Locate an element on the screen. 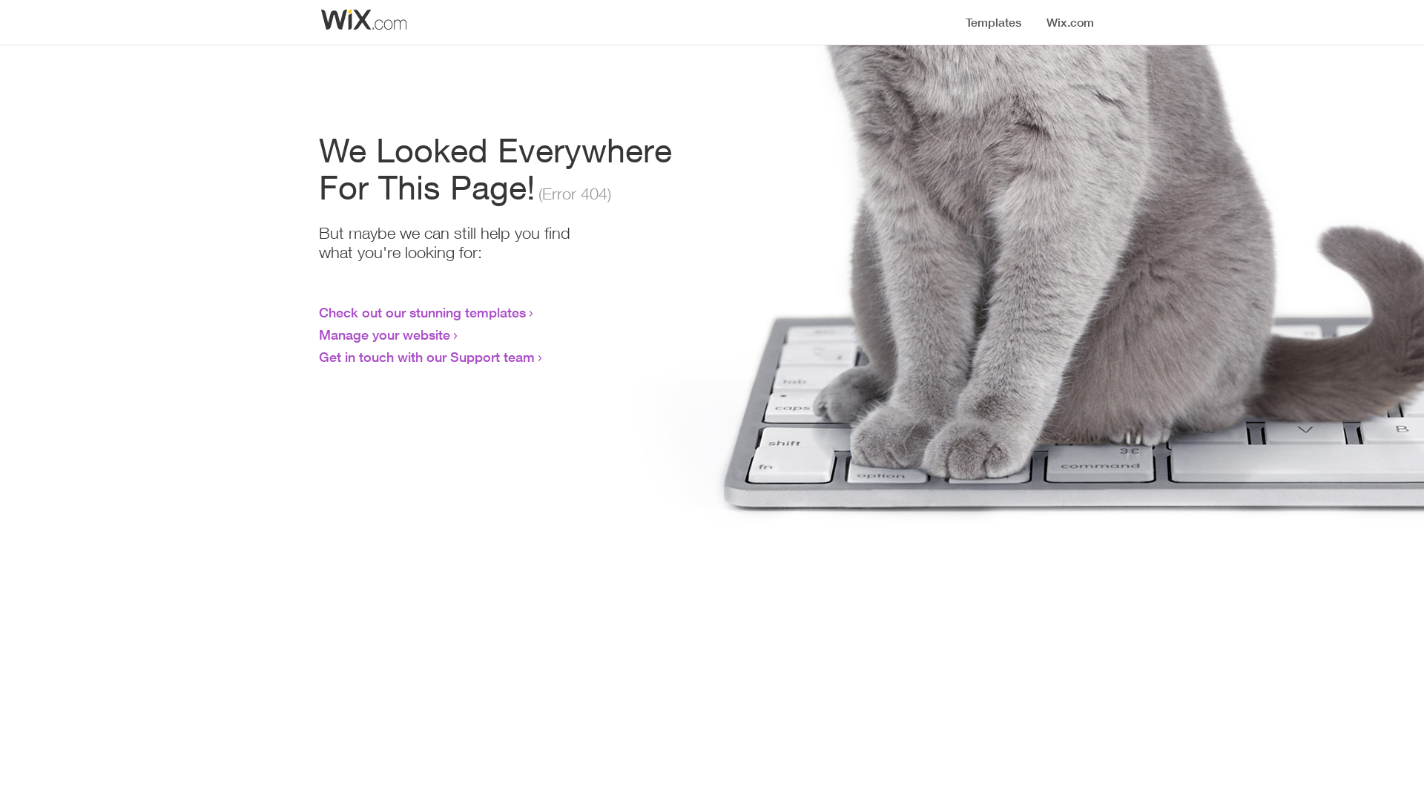  'Check out our stunning templates' is located at coordinates (318, 311).